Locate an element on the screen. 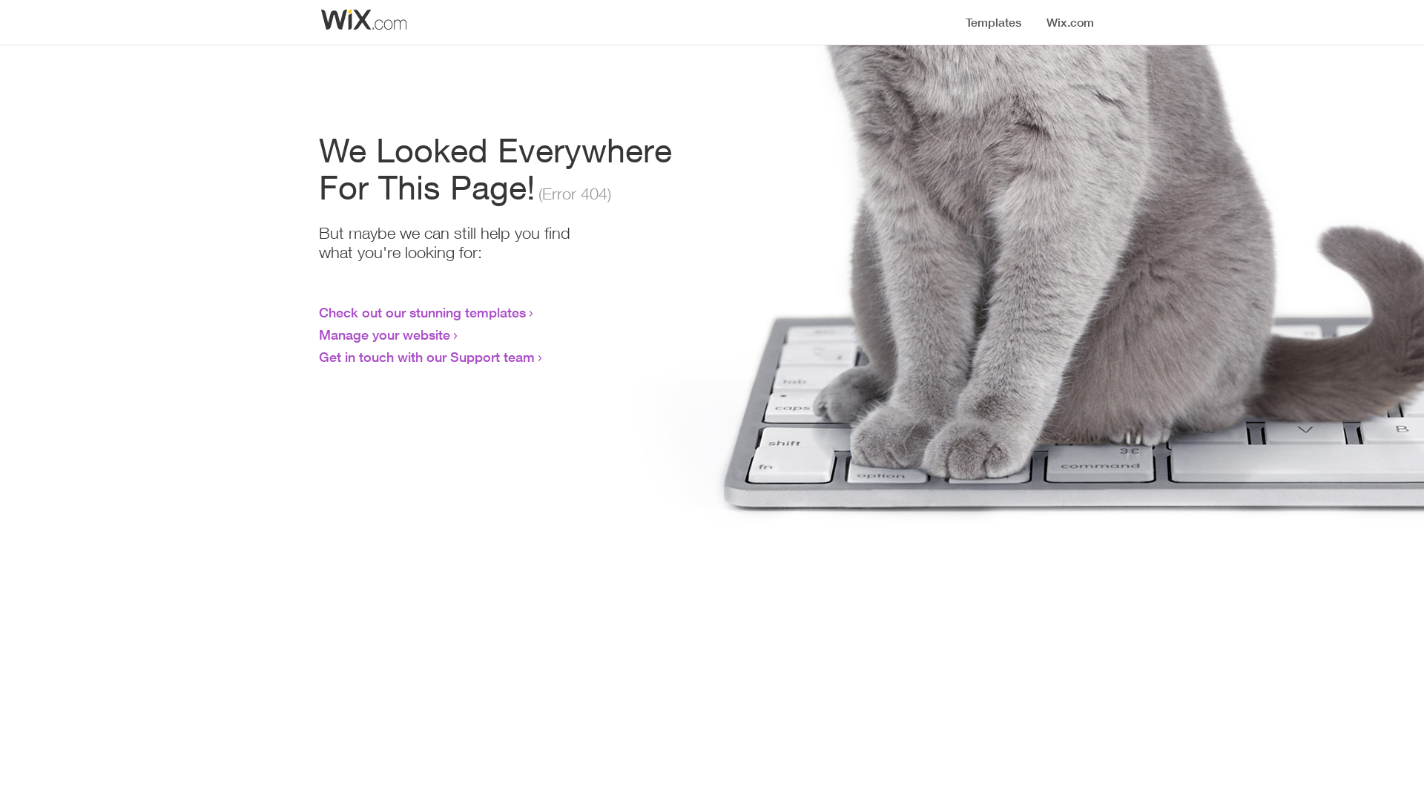  'Check out our stunning templates' is located at coordinates (318, 311).